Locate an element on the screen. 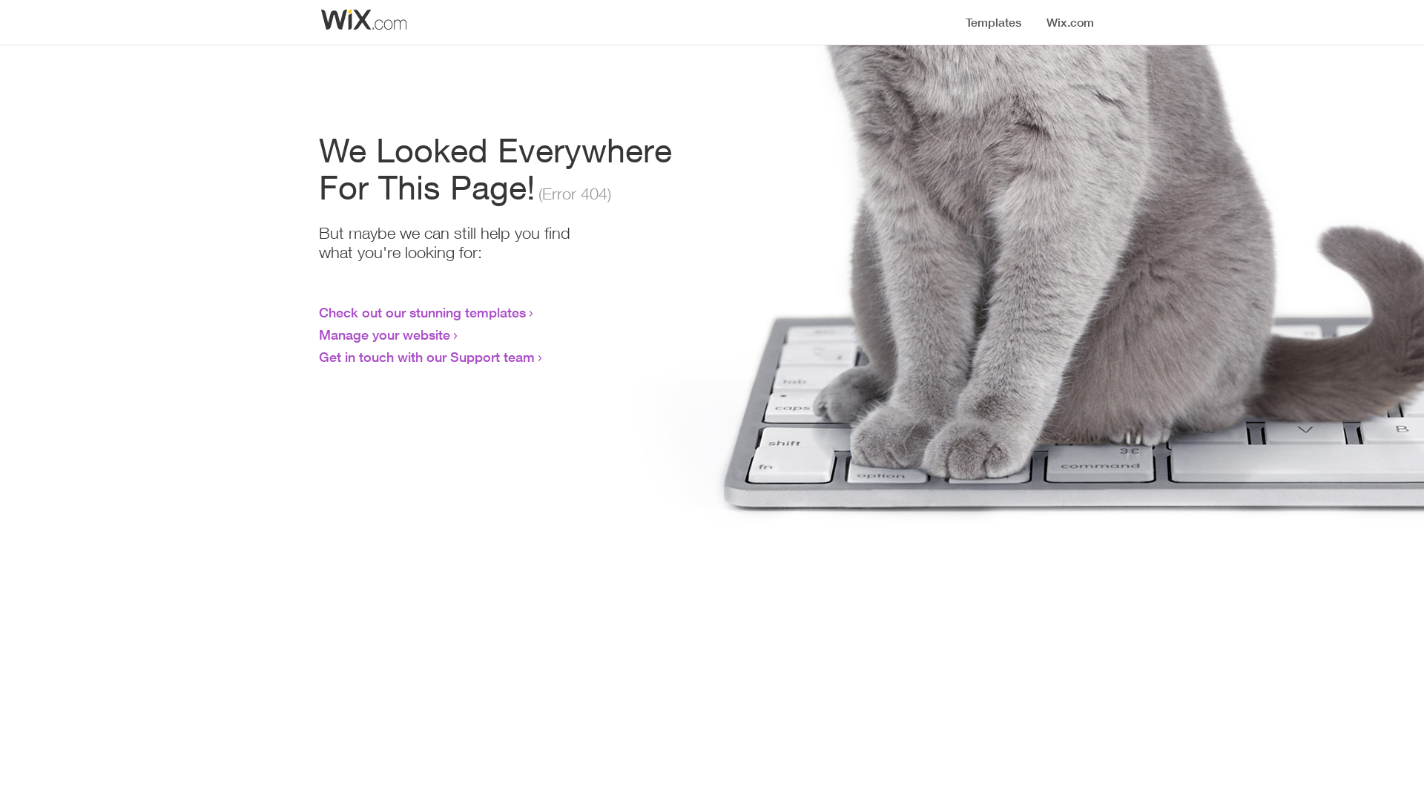  'Check out our stunning templates' is located at coordinates (318, 311).